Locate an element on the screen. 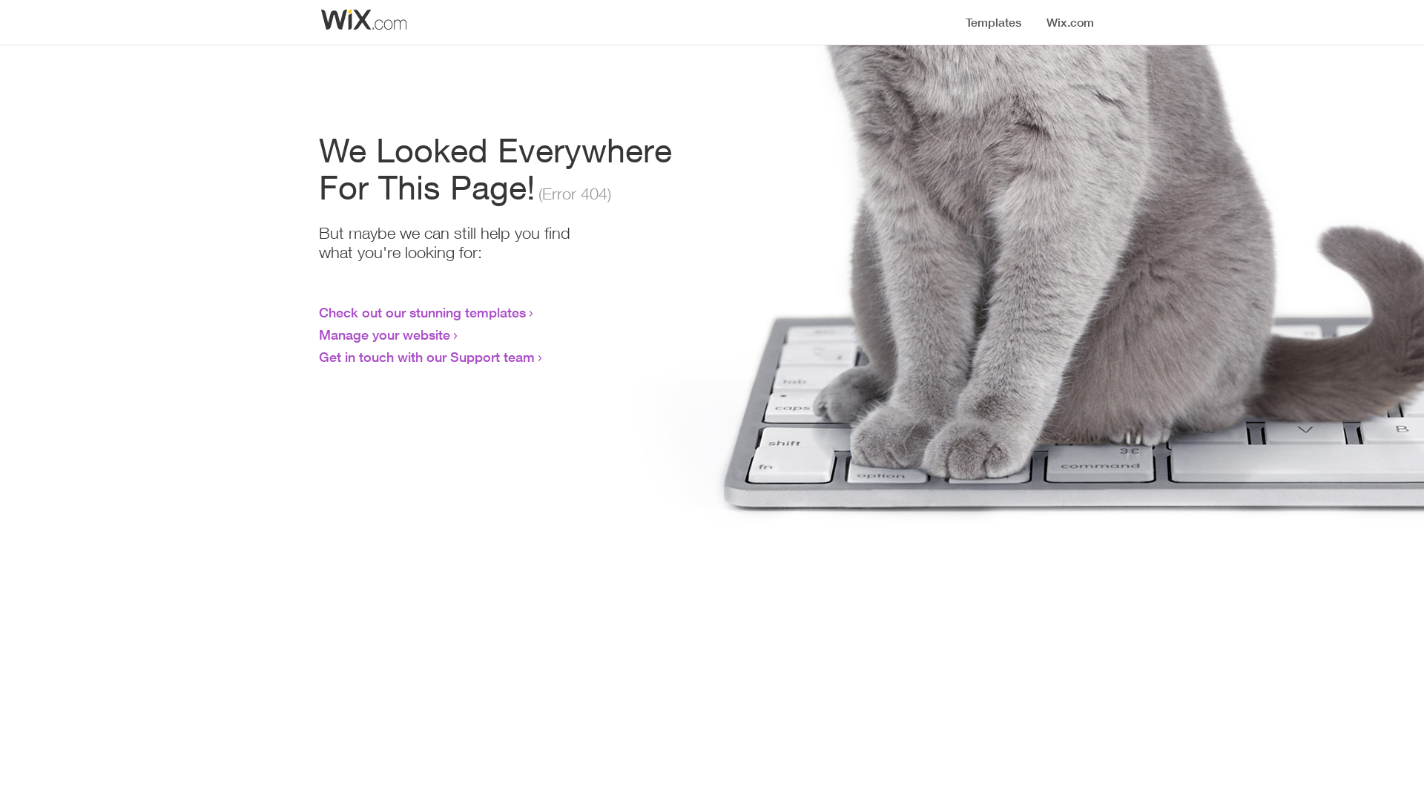  'Check out our stunning templates' is located at coordinates (318, 311).